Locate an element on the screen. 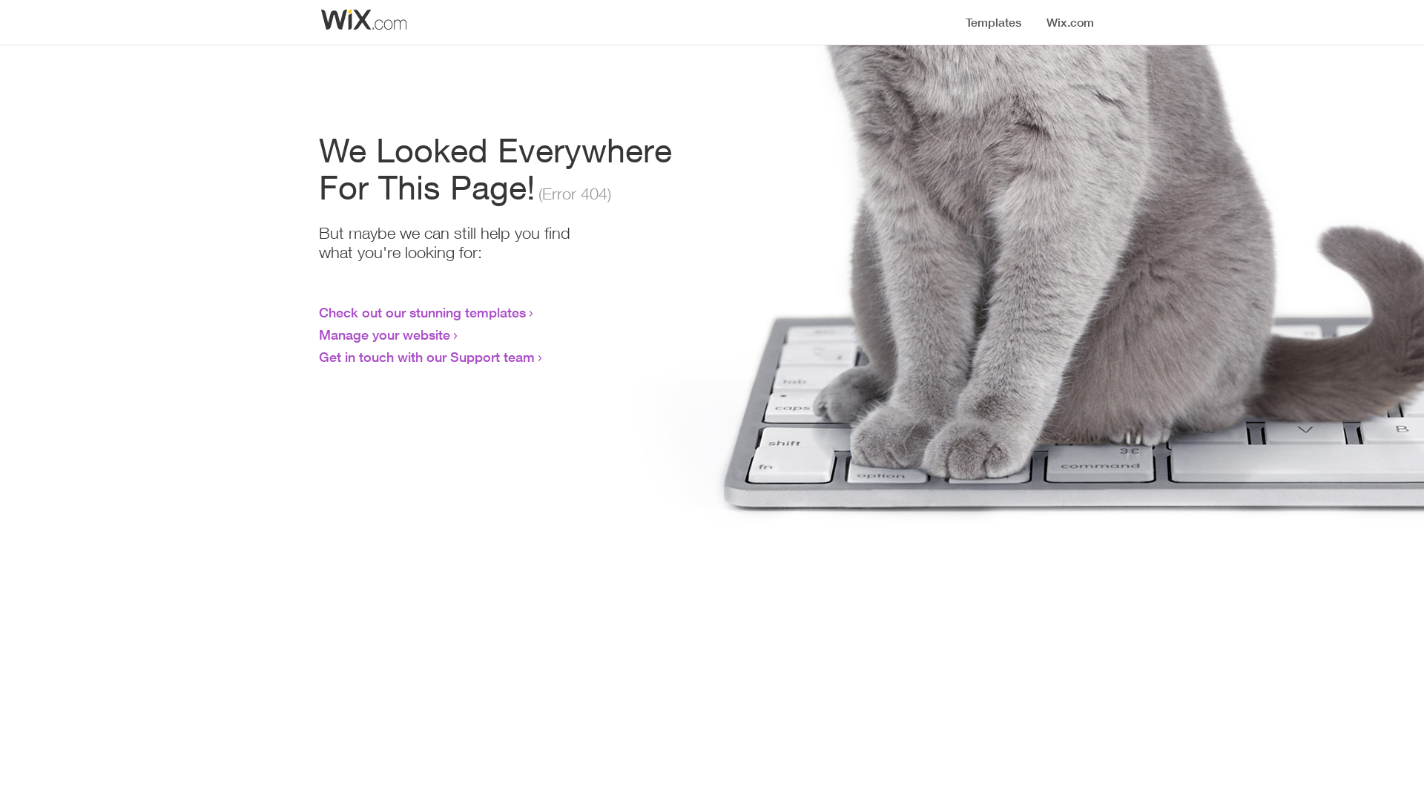  'Check out our stunning templates' is located at coordinates (318, 311).